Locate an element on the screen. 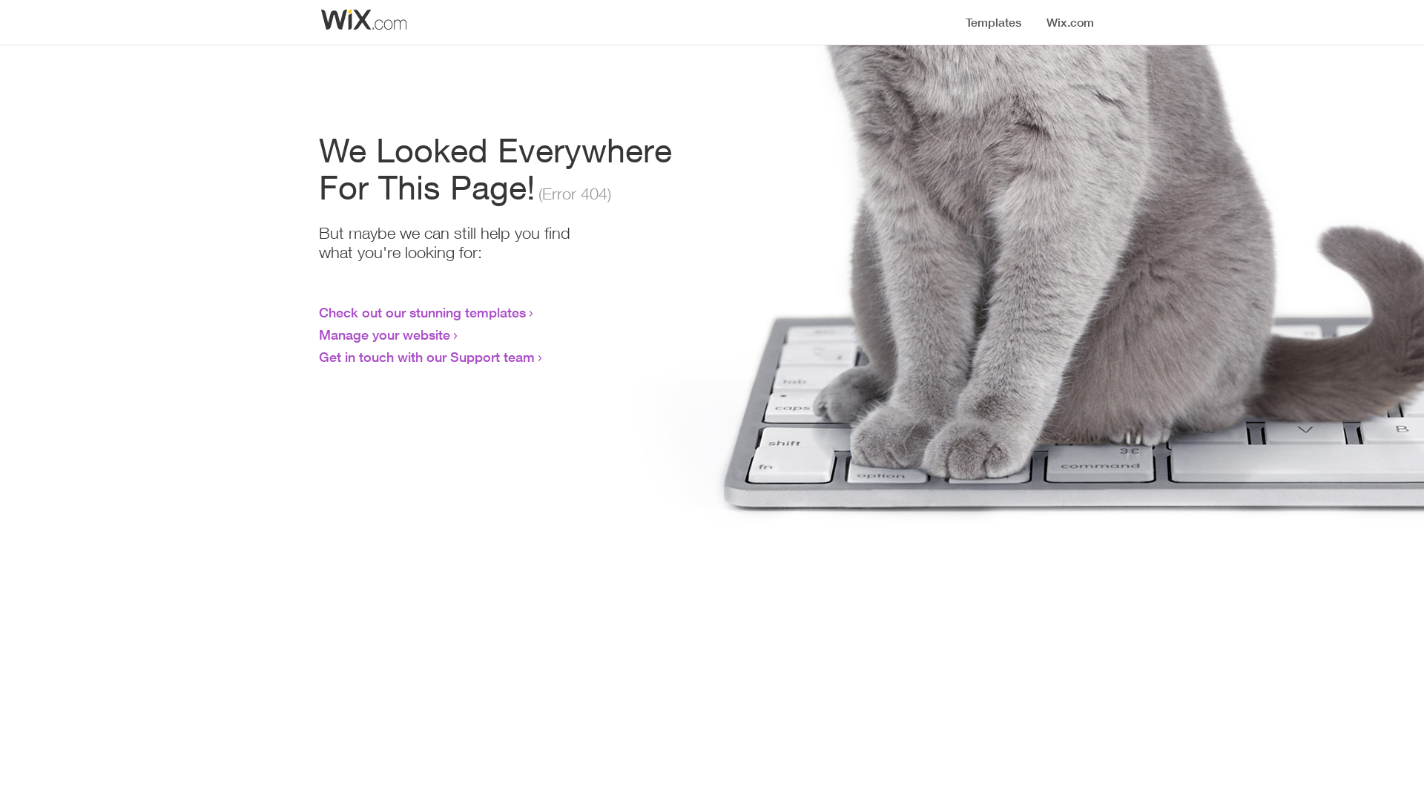  'Check out our stunning templates' is located at coordinates (318, 311).